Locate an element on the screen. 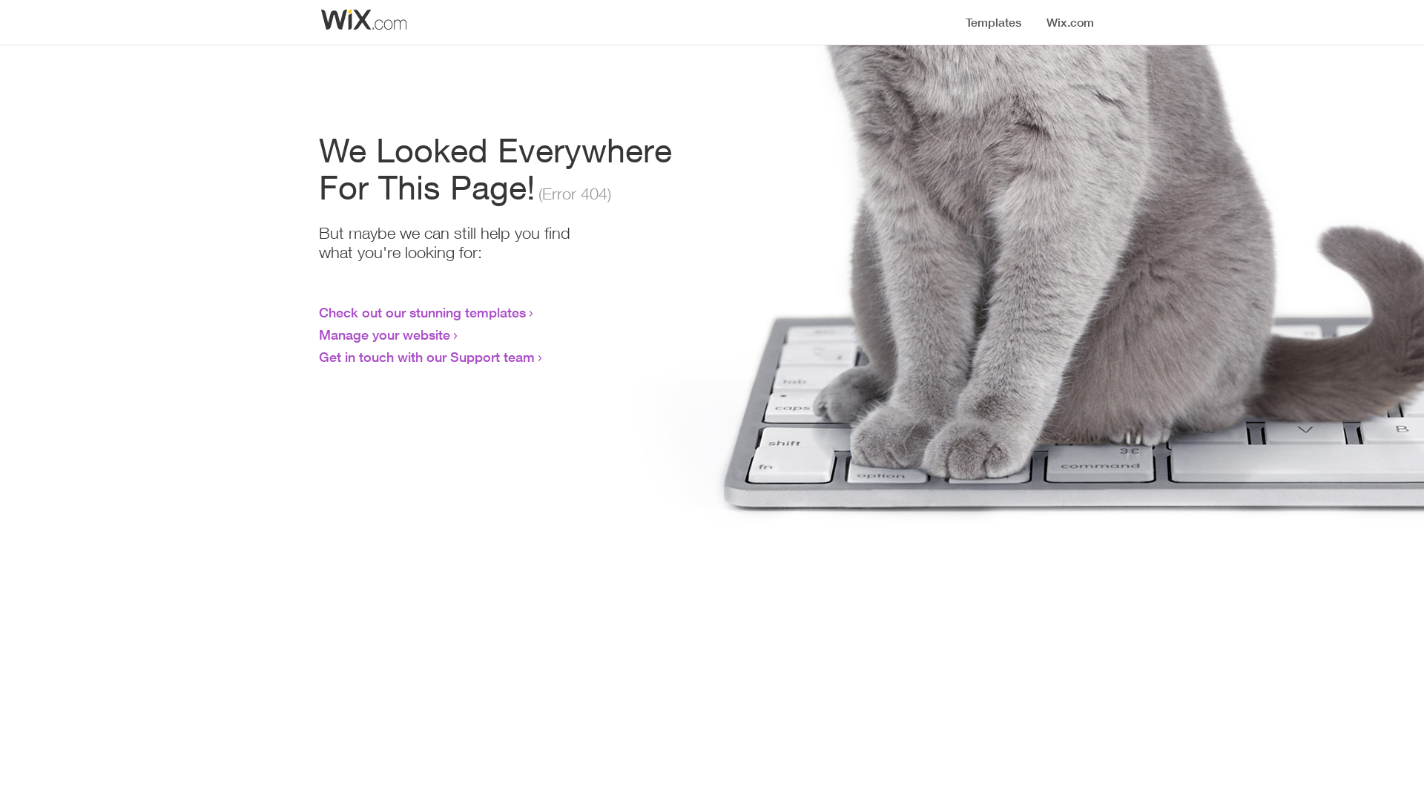  'Check out our stunning templates' is located at coordinates (318, 311).